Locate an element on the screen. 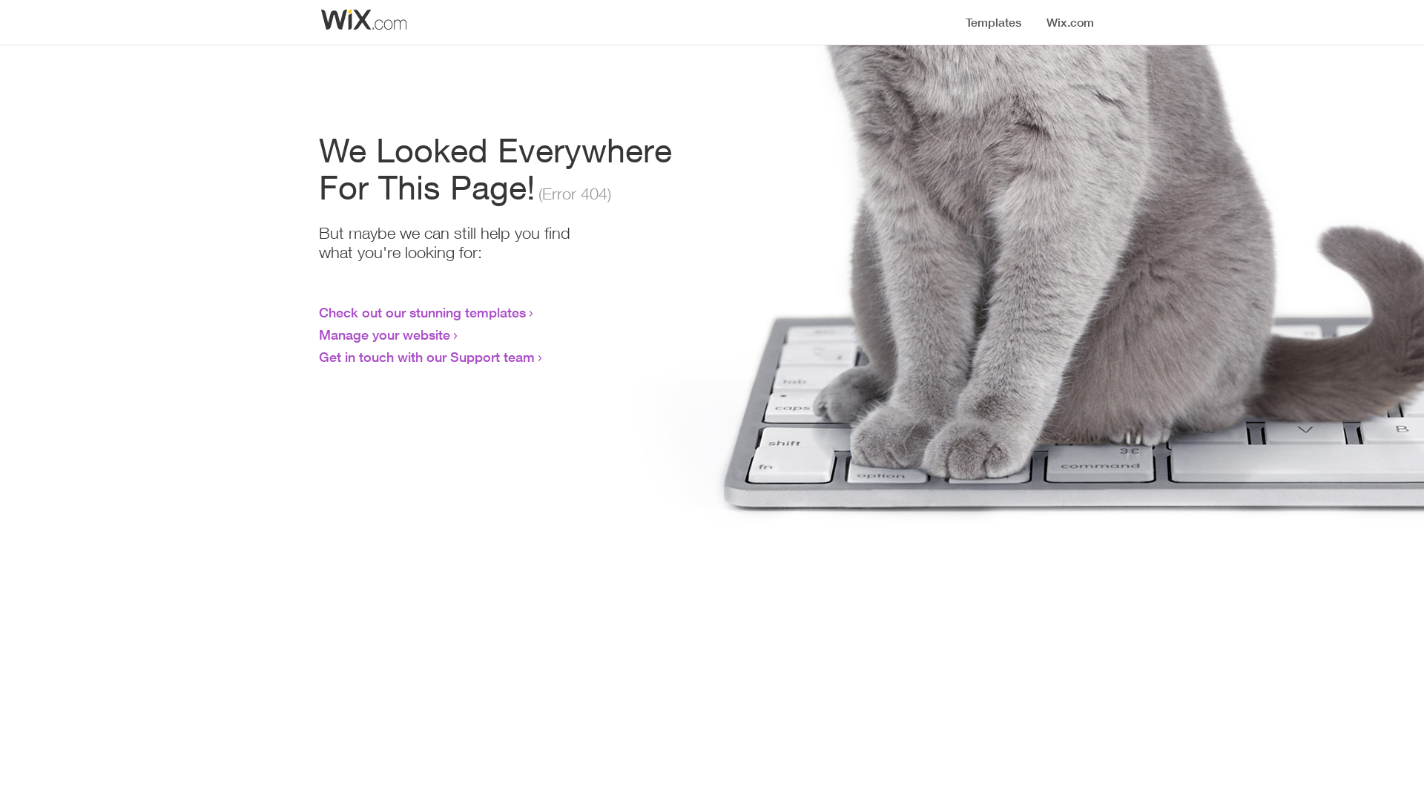  'Check out our stunning templates' is located at coordinates (318, 311).